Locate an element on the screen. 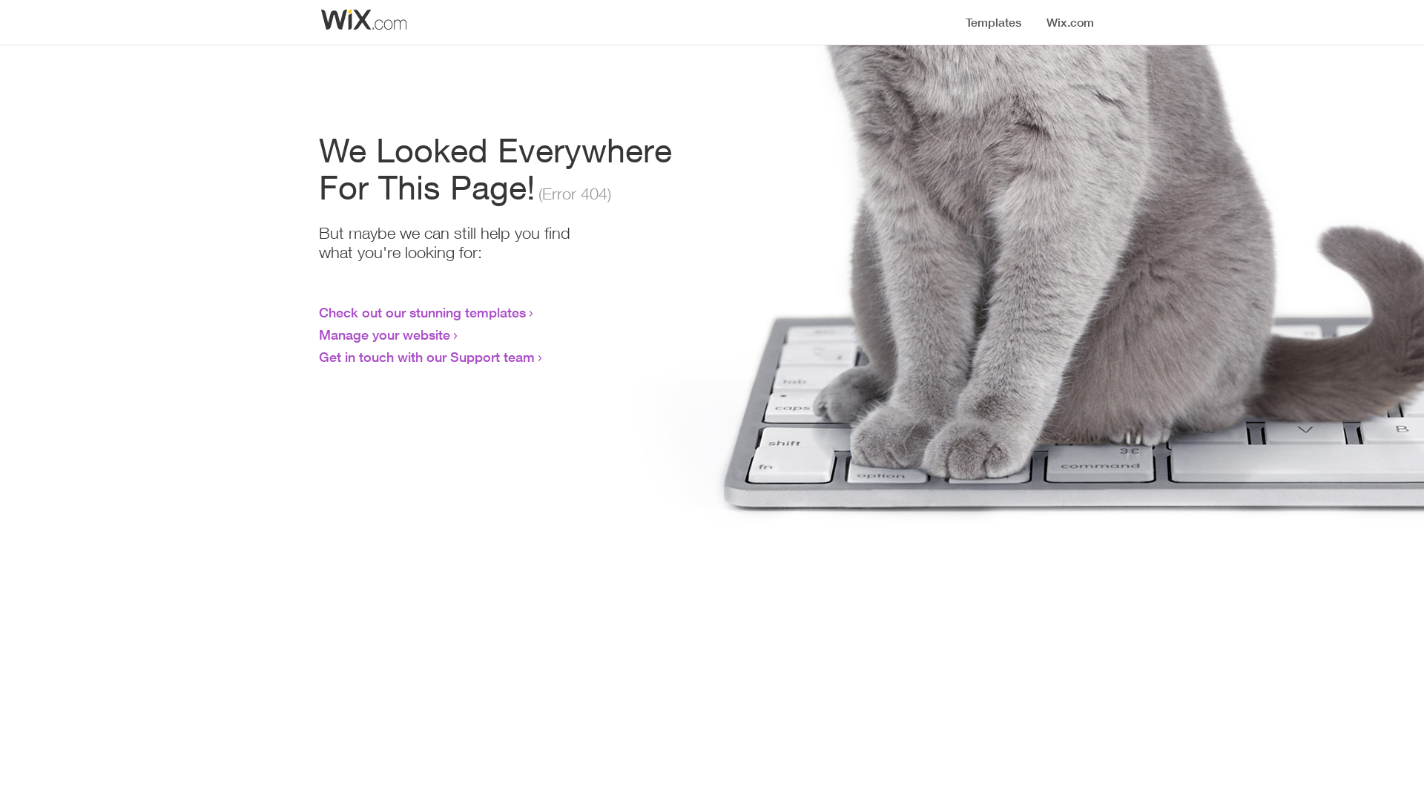  'Check out our stunning templates' is located at coordinates (318, 311).